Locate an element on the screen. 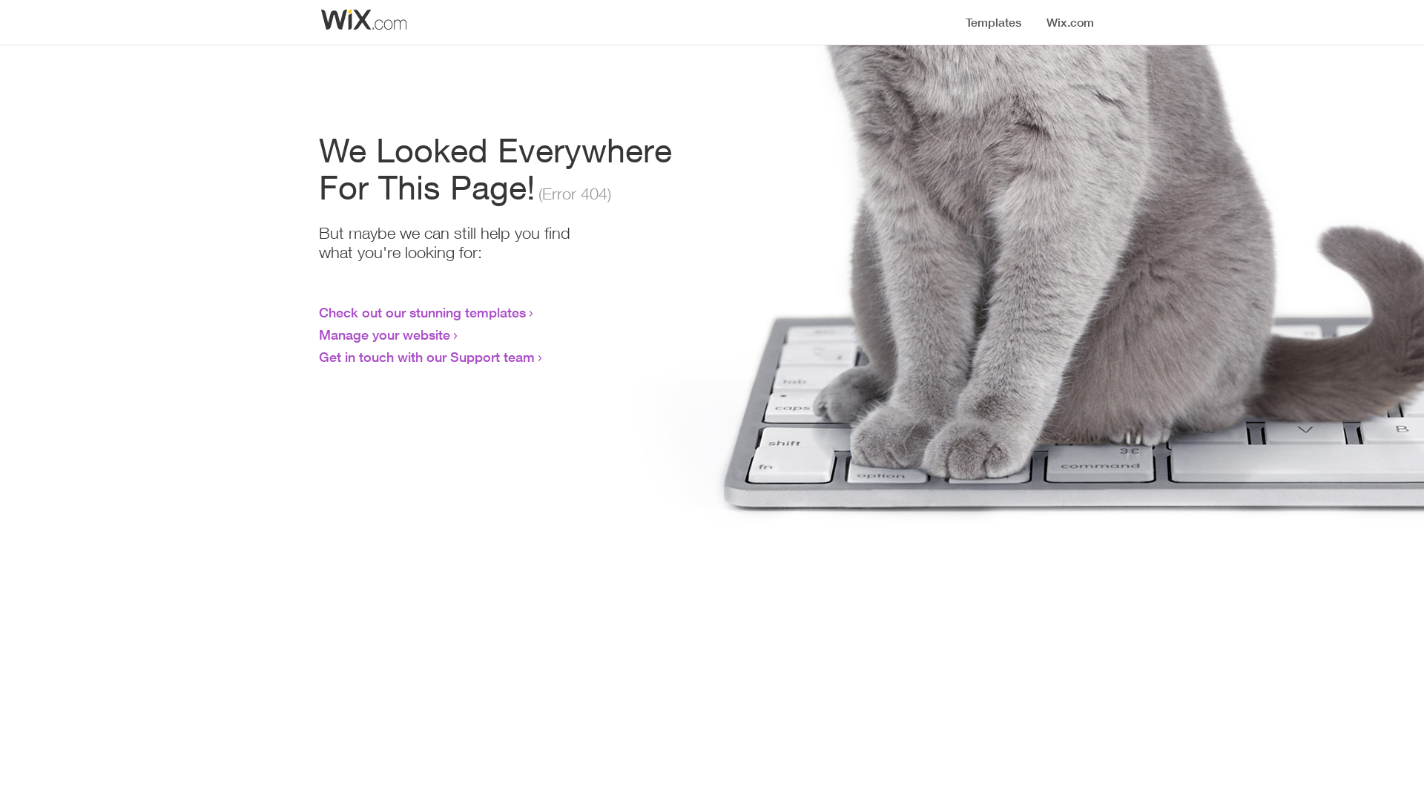  'Check out our stunning templates' is located at coordinates (318, 311).